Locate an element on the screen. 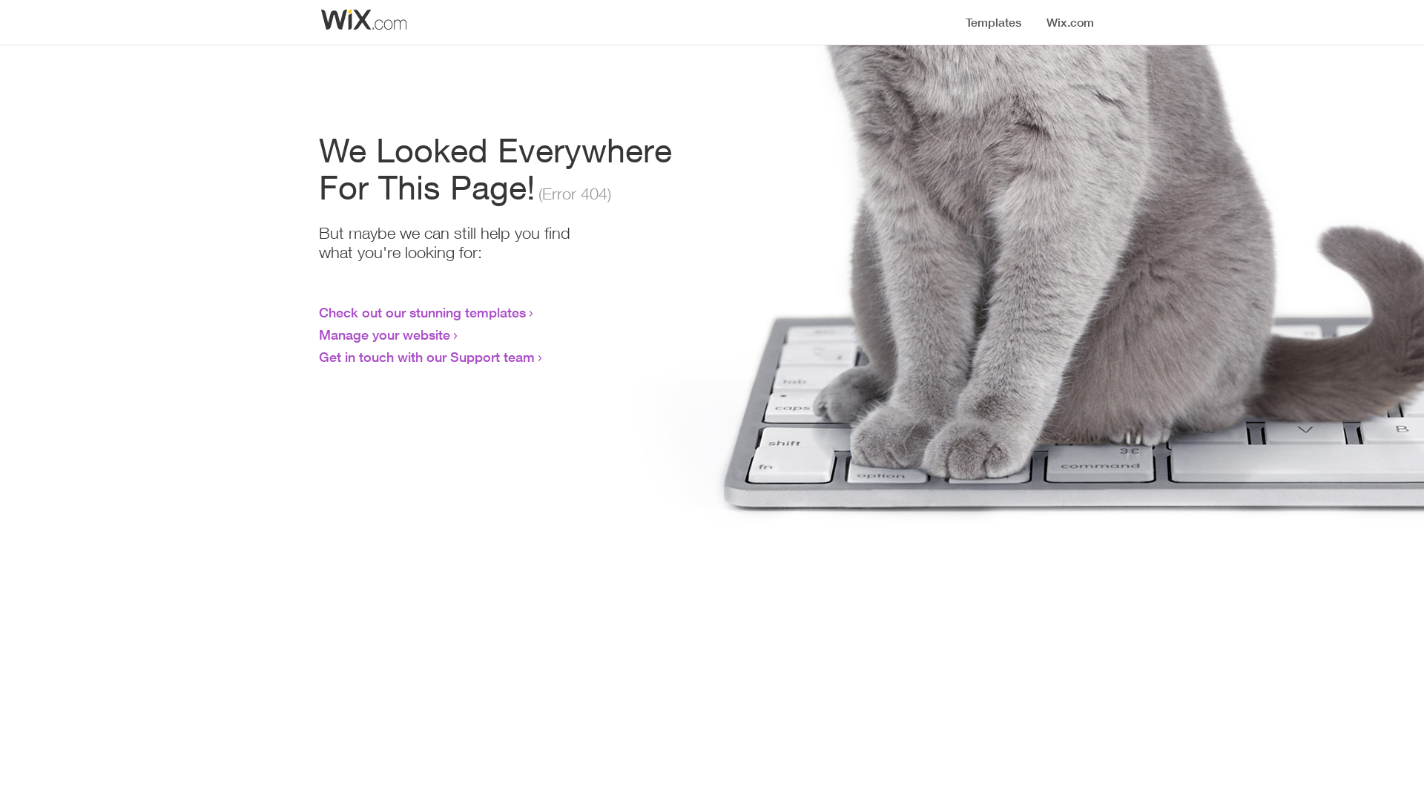  'Check out our stunning templates' is located at coordinates (318, 311).